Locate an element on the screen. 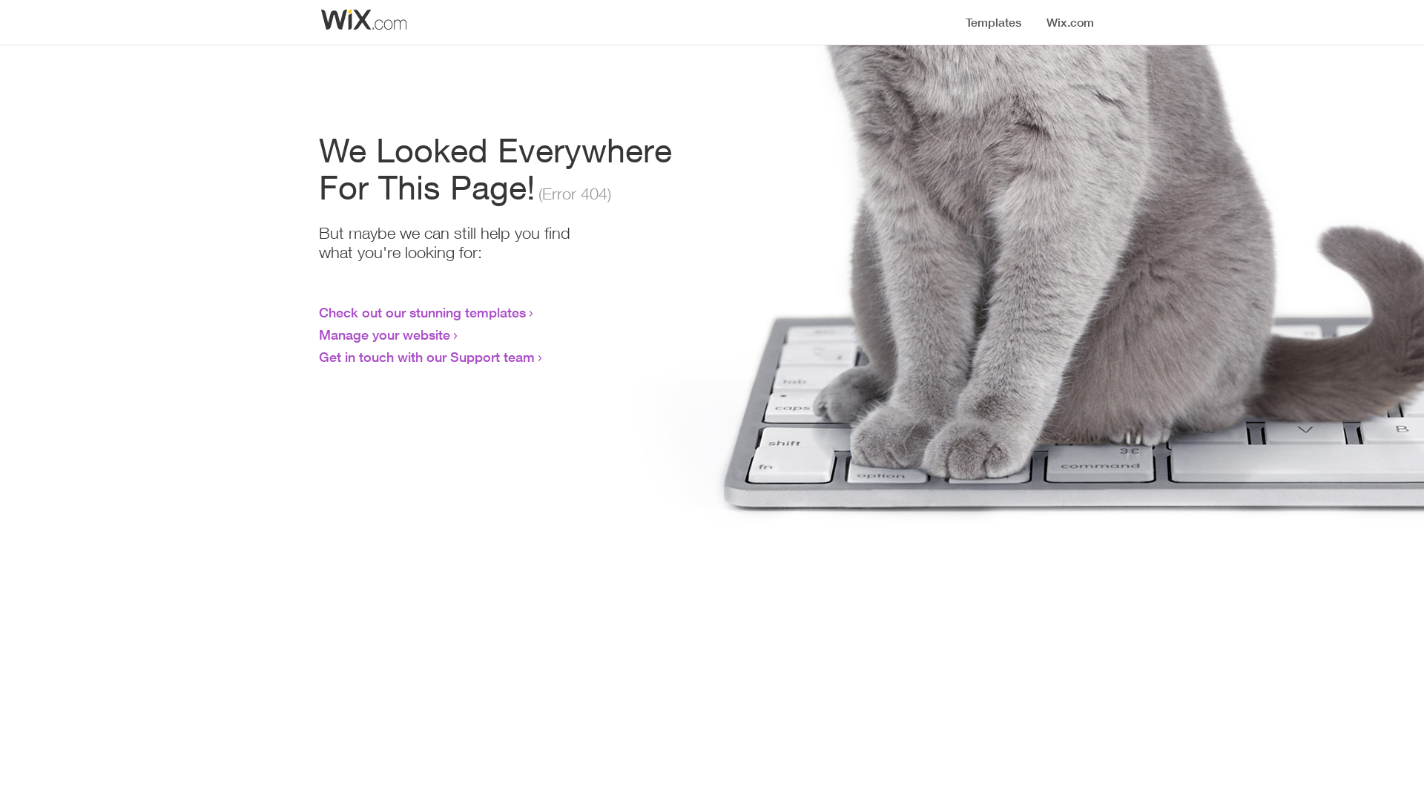  'Check out our stunning templates' is located at coordinates (318, 311).